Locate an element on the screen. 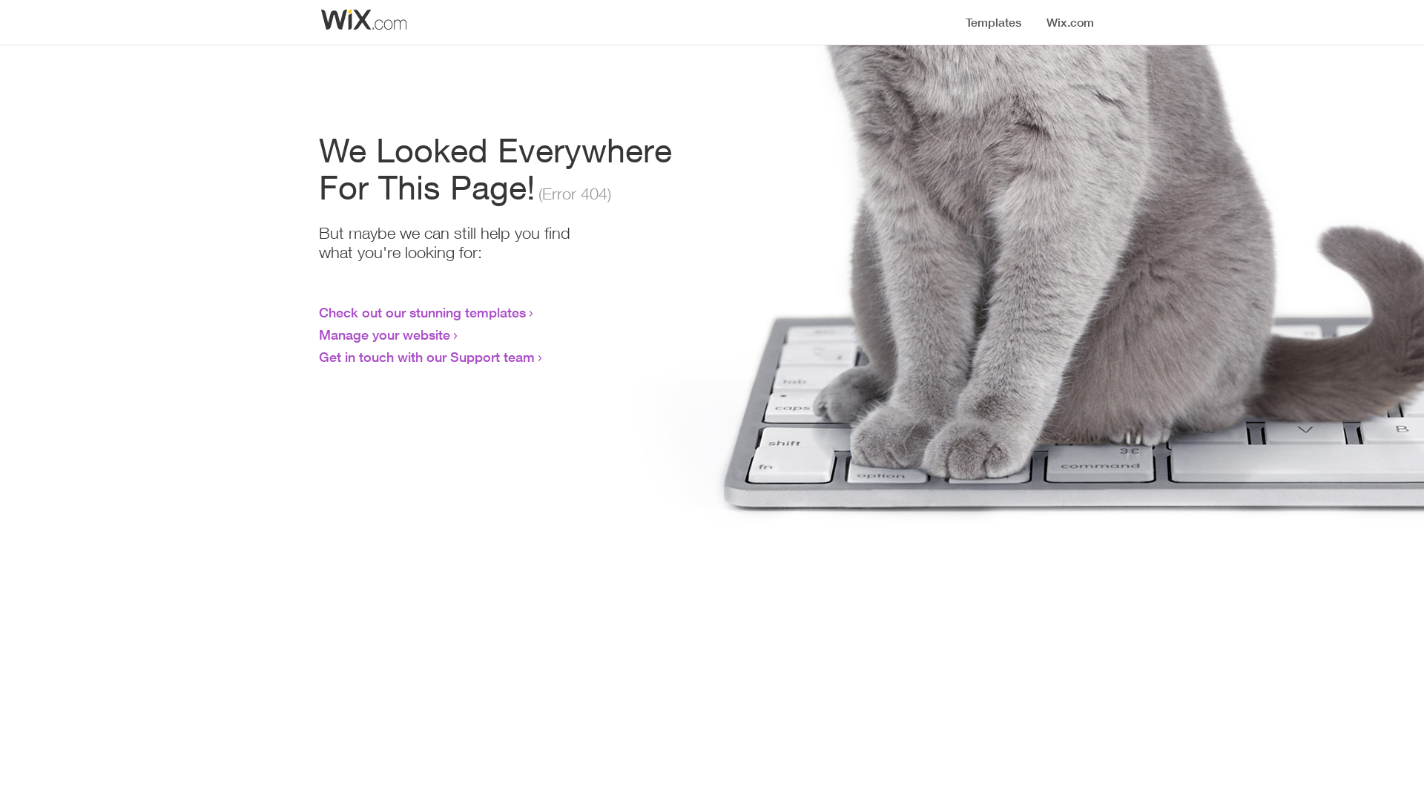  'Check out our stunning templates' is located at coordinates (318, 311).